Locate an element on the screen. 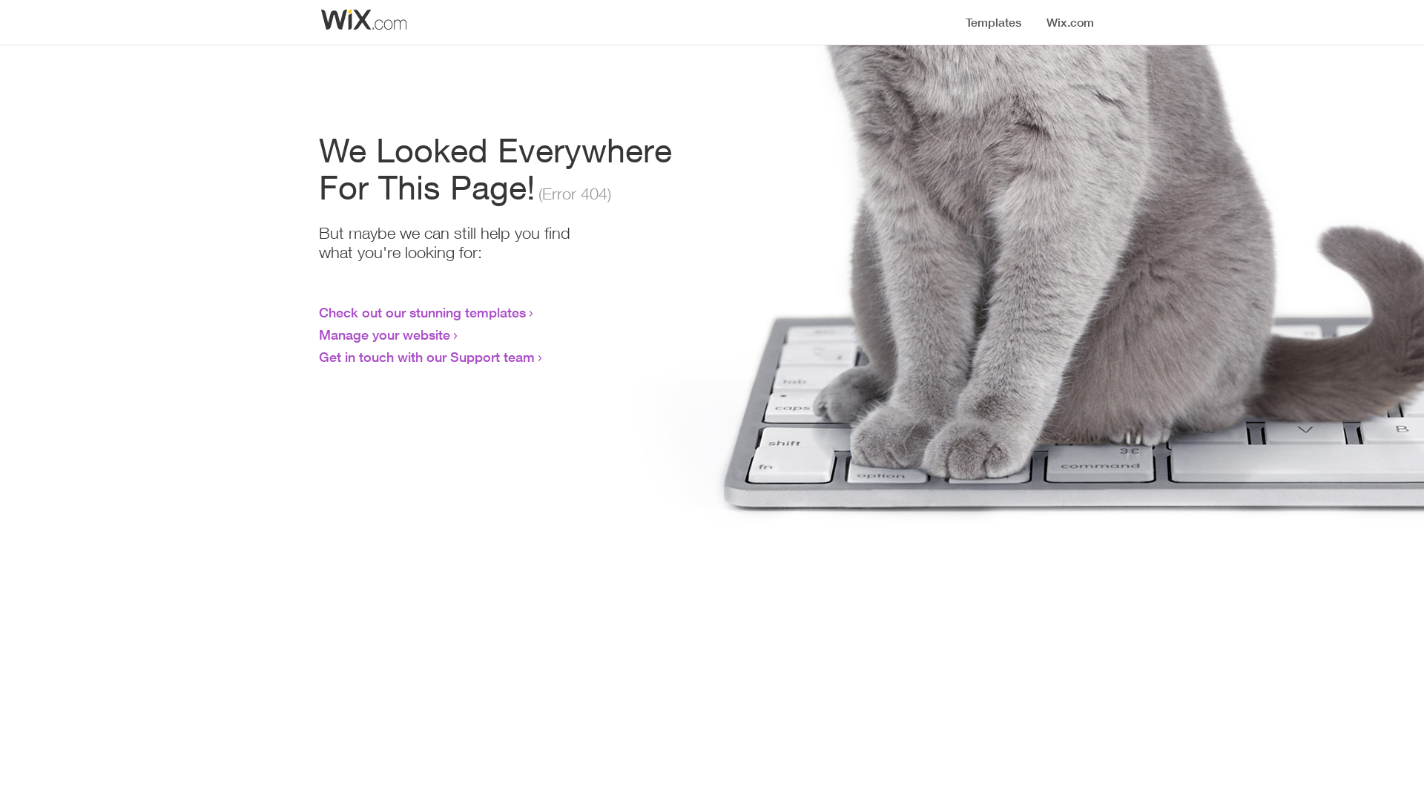  'Check out our stunning templates' is located at coordinates (318, 311).